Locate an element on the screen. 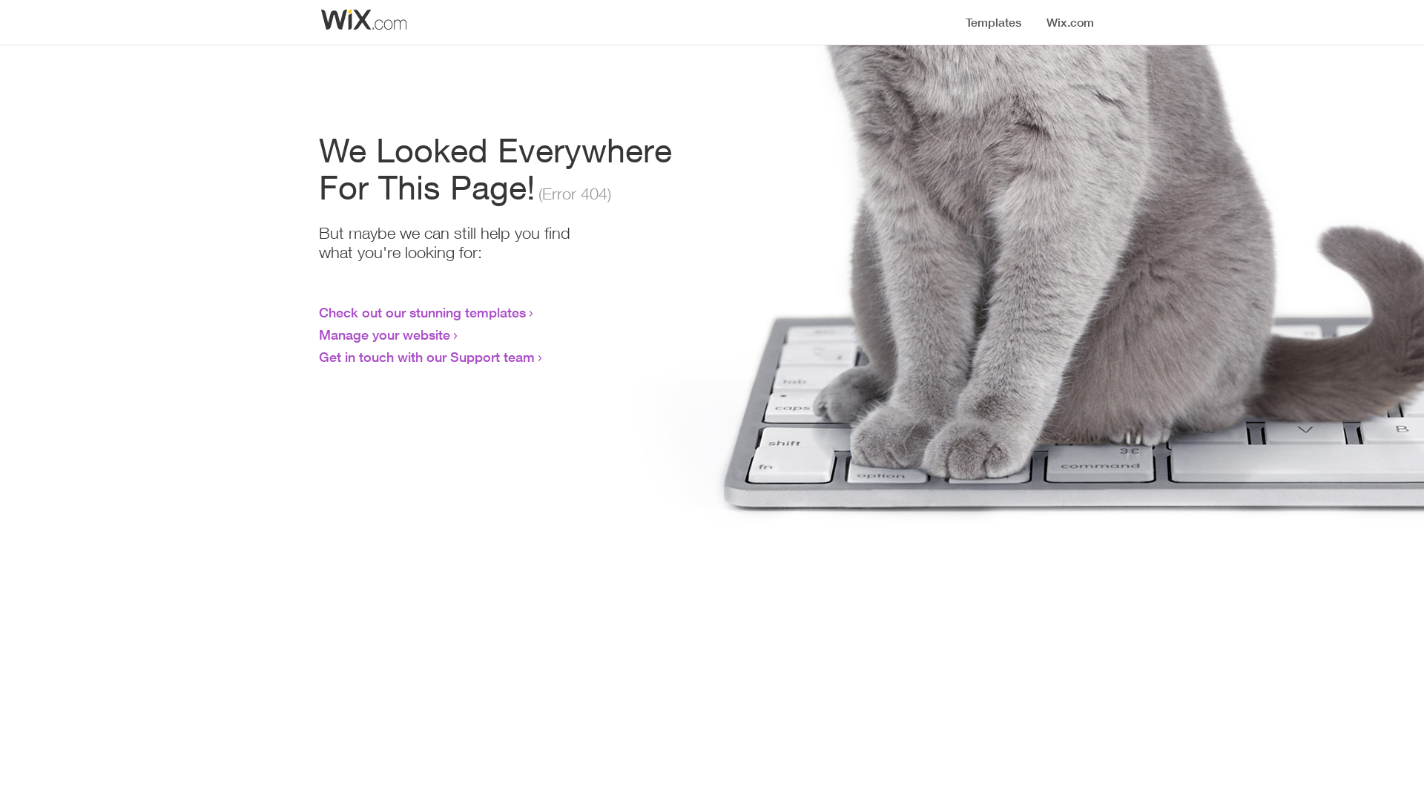  'Check out our stunning templates' is located at coordinates (318, 311).